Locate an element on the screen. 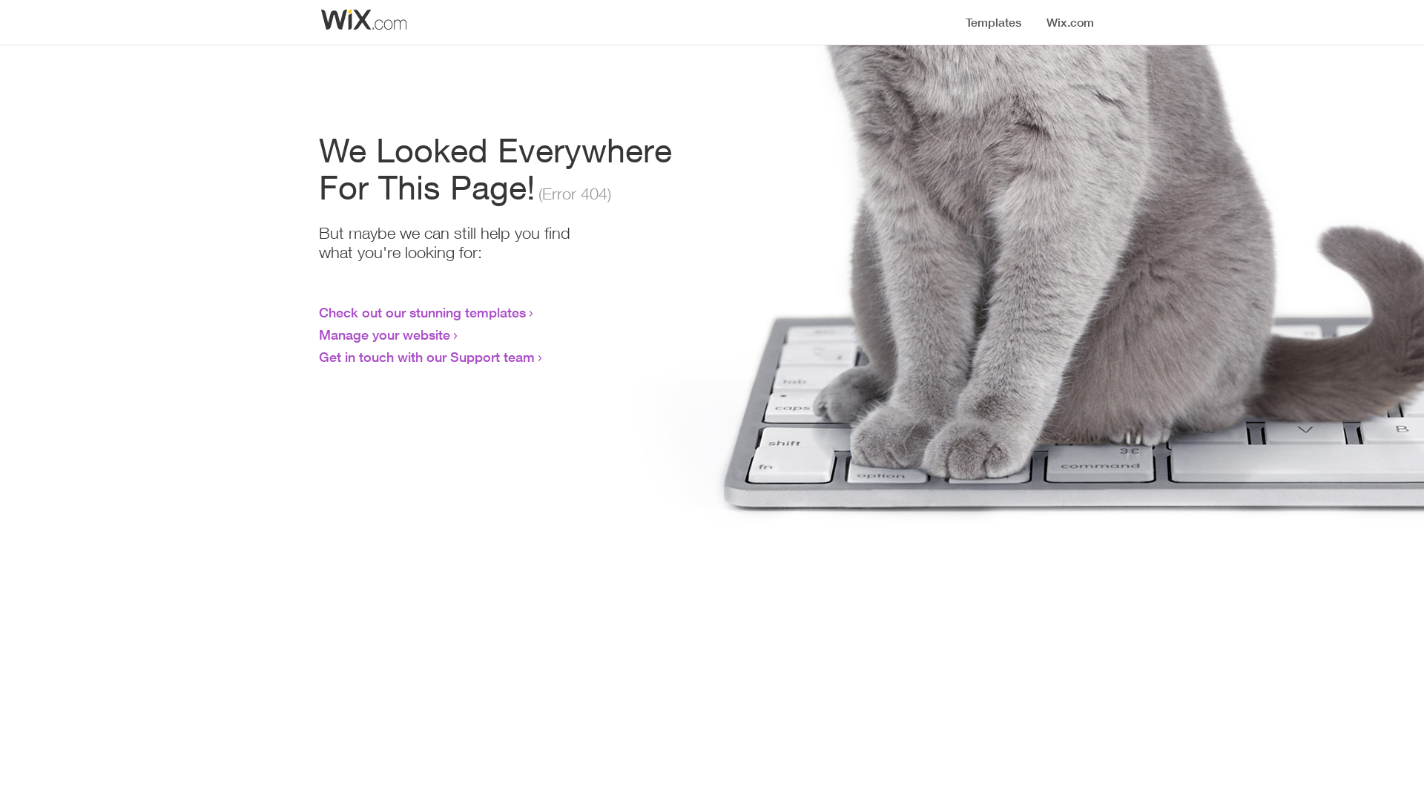  'Check out our stunning templates' is located at coordinates (318, 311).